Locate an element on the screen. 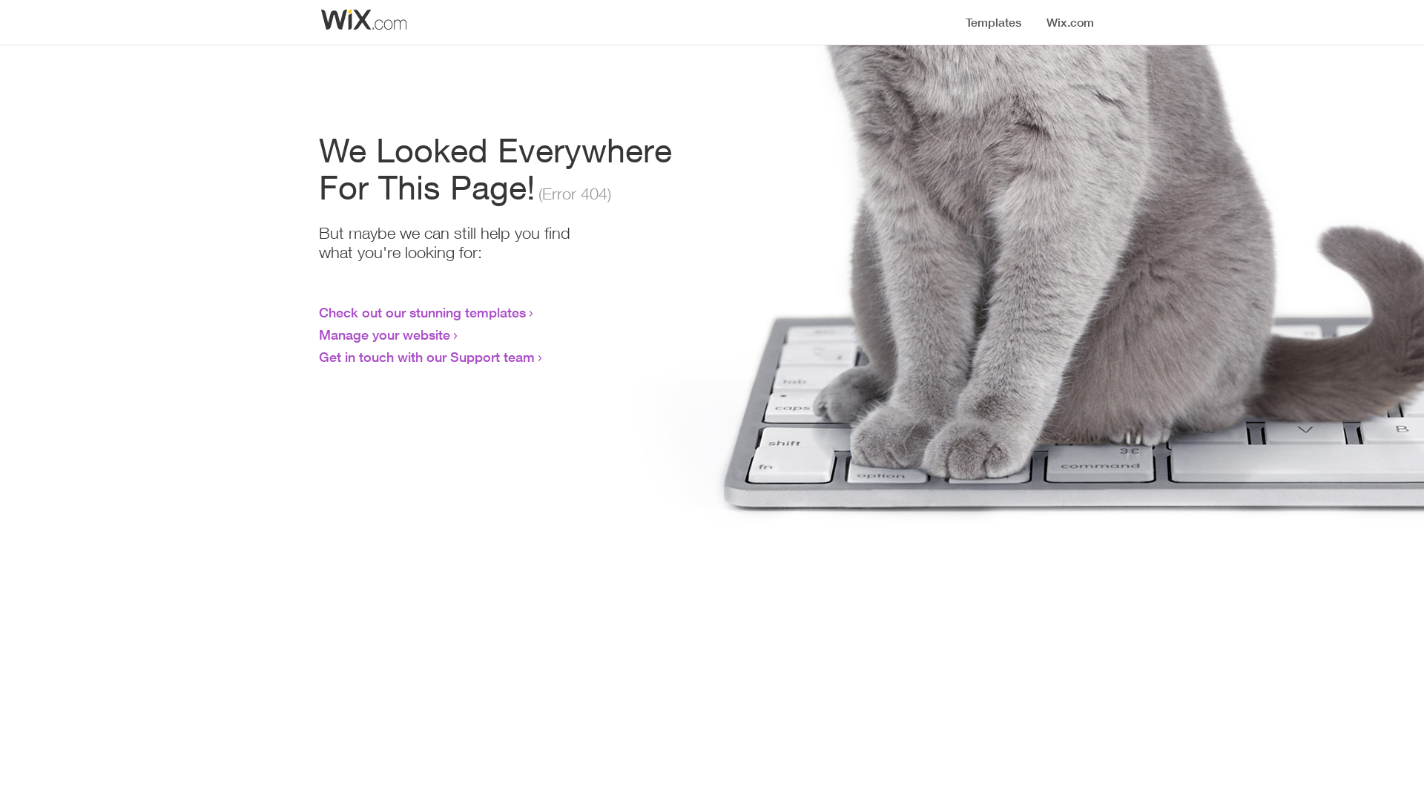  'Check out our stunning templates' is located at coordinates (318, 311).